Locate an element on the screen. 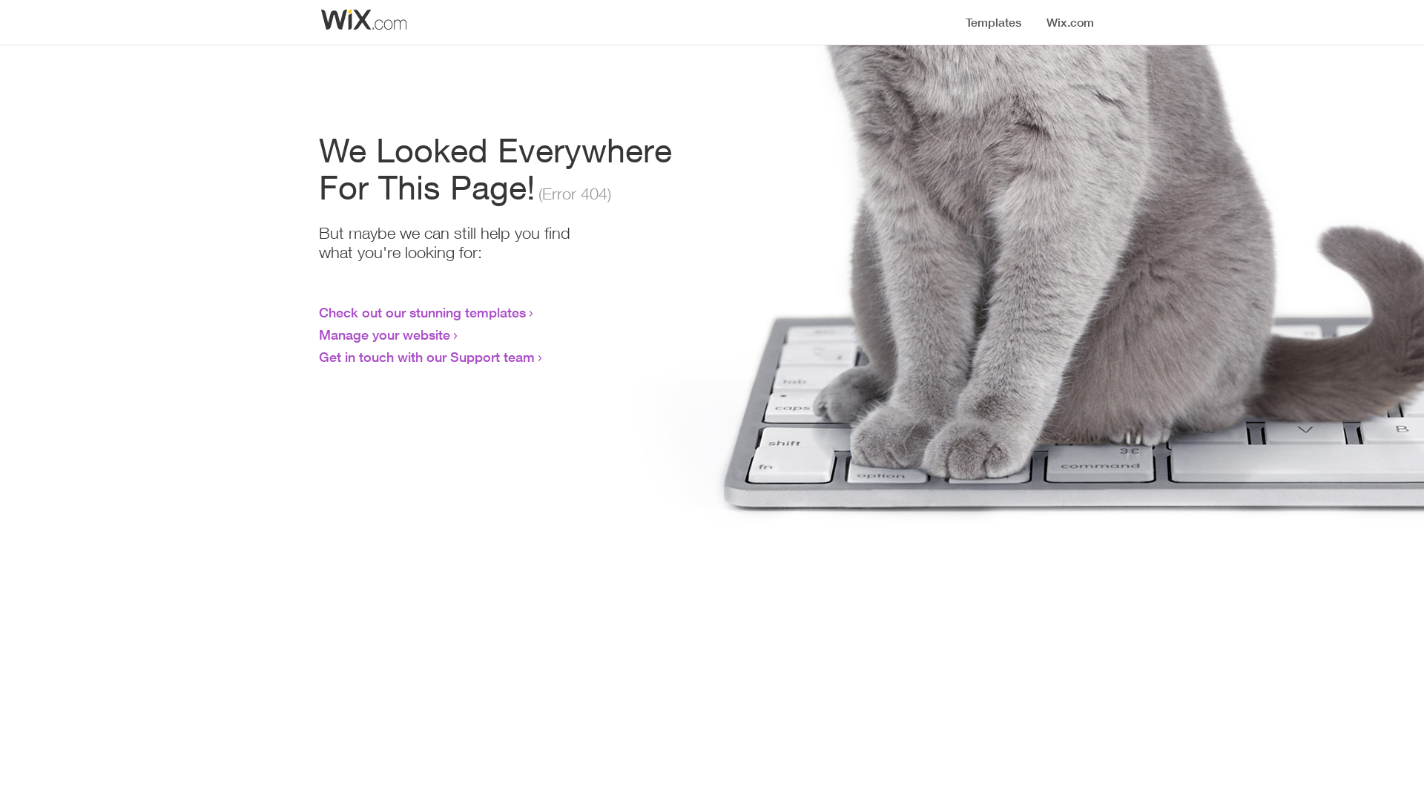  'Check out our stunning templates' is located at coordinates (318, 311).